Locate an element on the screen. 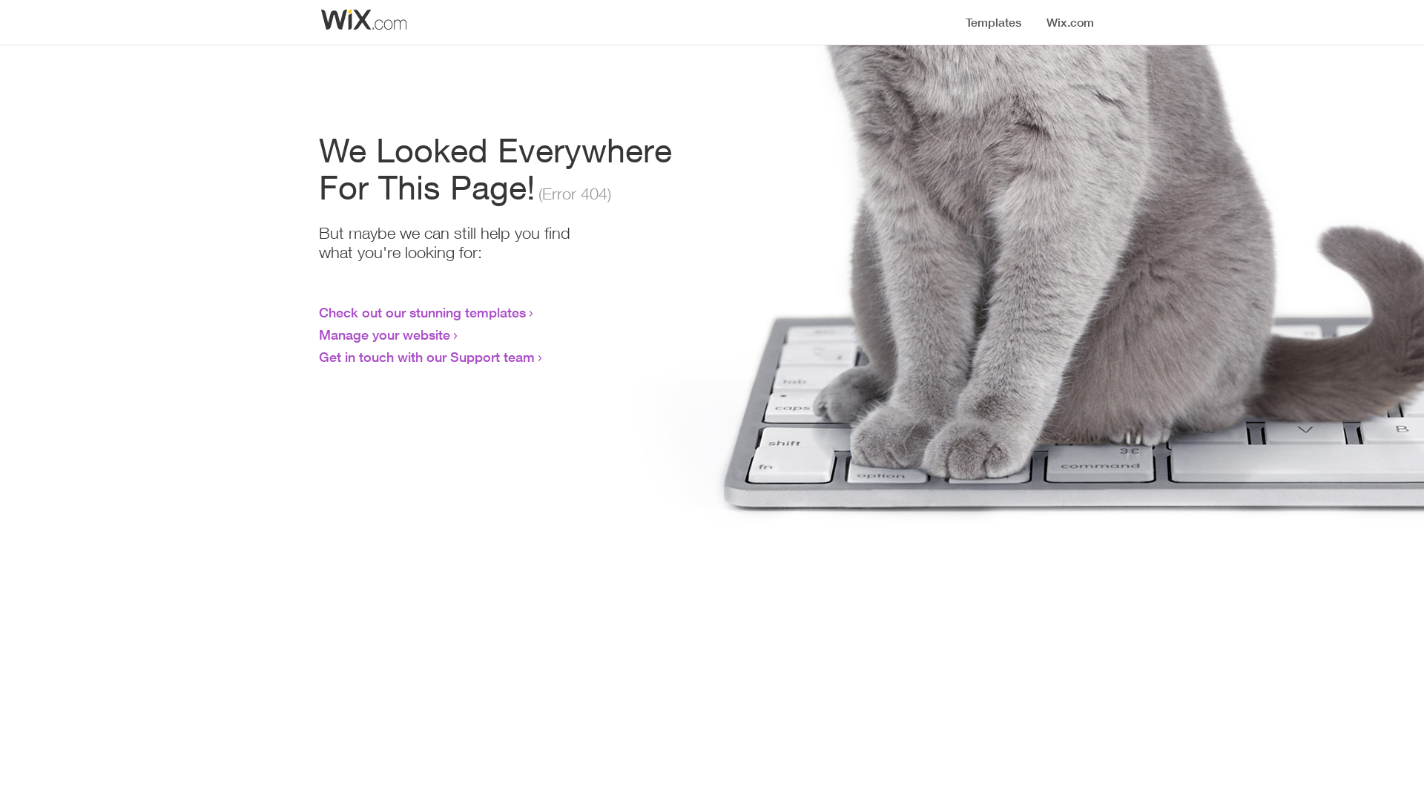  'Check out our stunning templates' is located at coordinates (318, 311).